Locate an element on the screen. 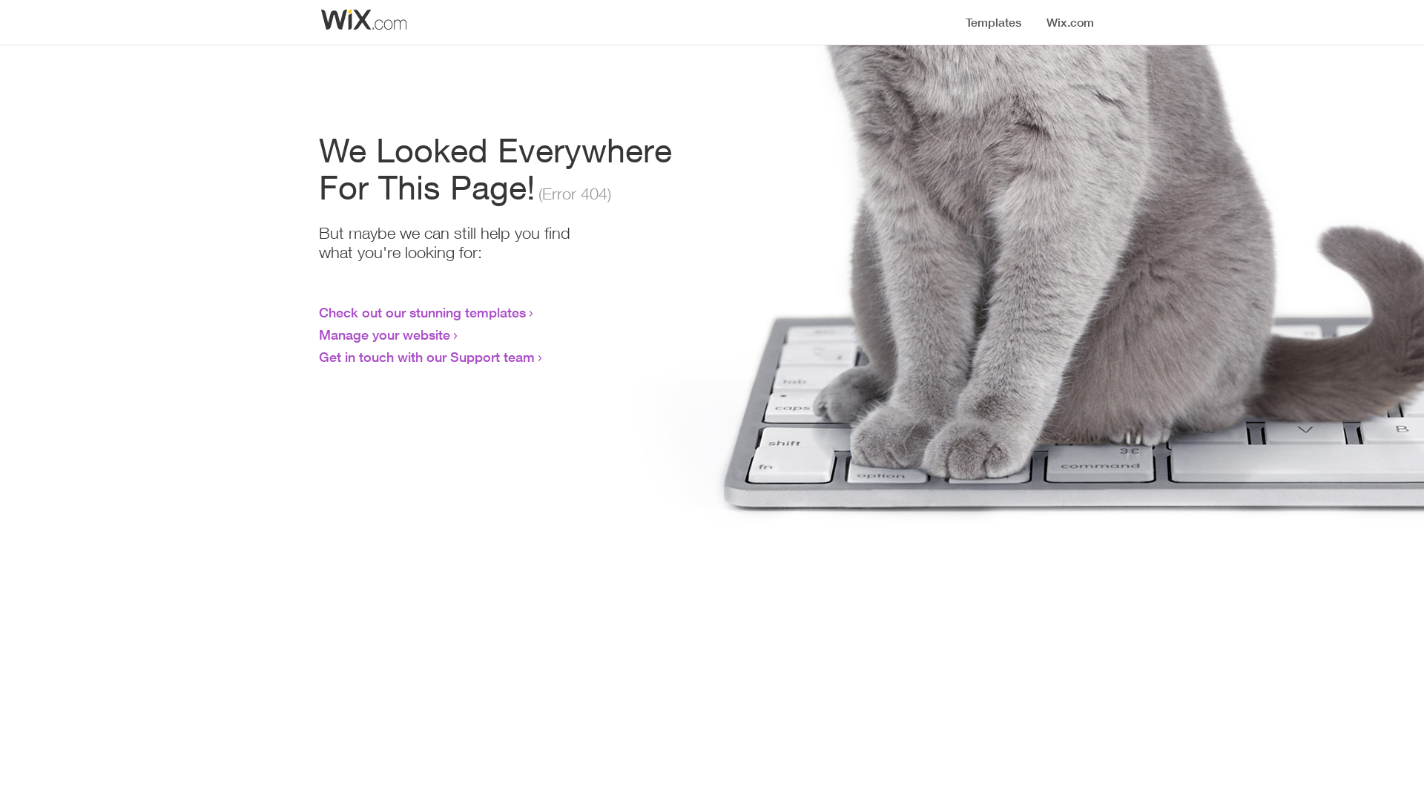  'Check out our stunning templates' is located at coordinates (318, 311).